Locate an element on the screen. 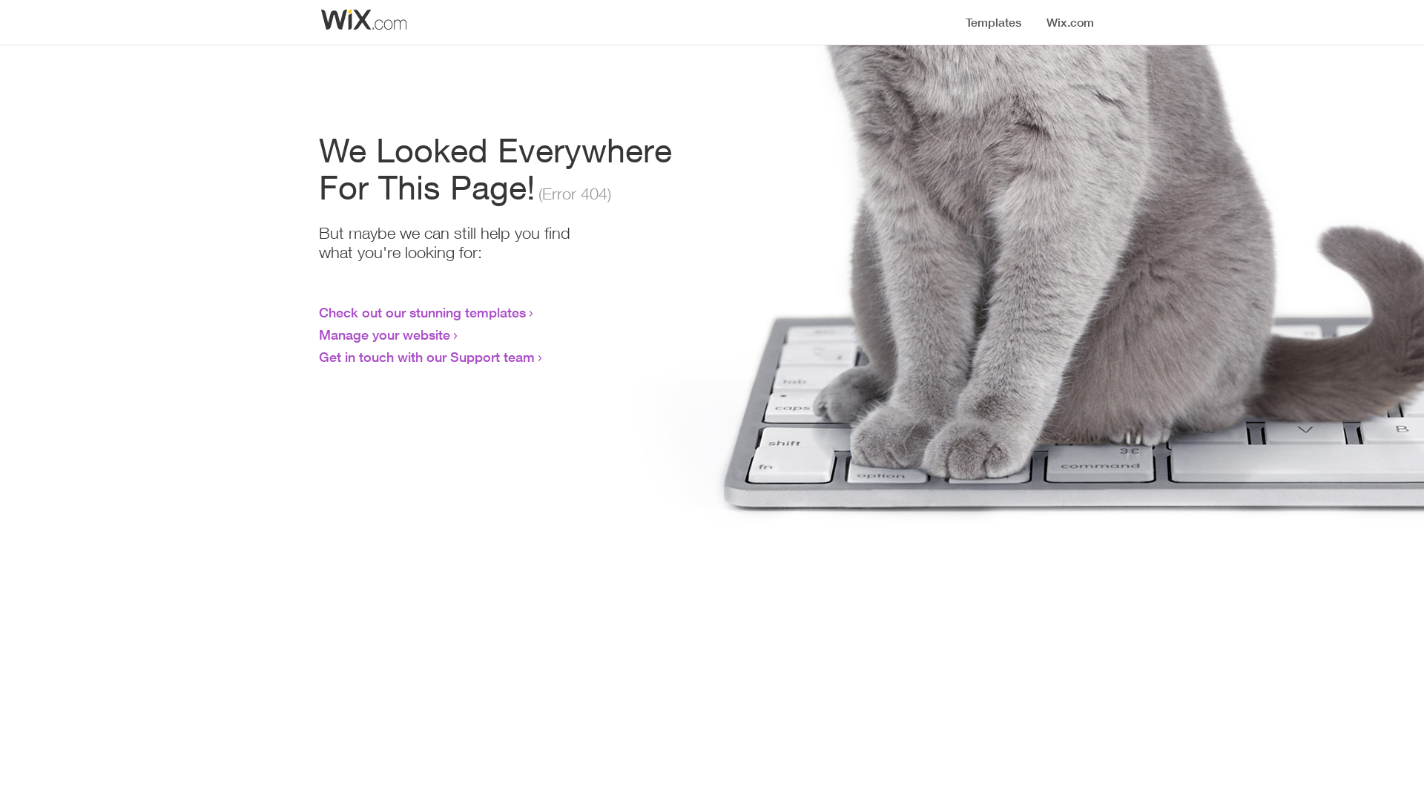  'Check out our stunning templates' is located at coordinates (318, 311).